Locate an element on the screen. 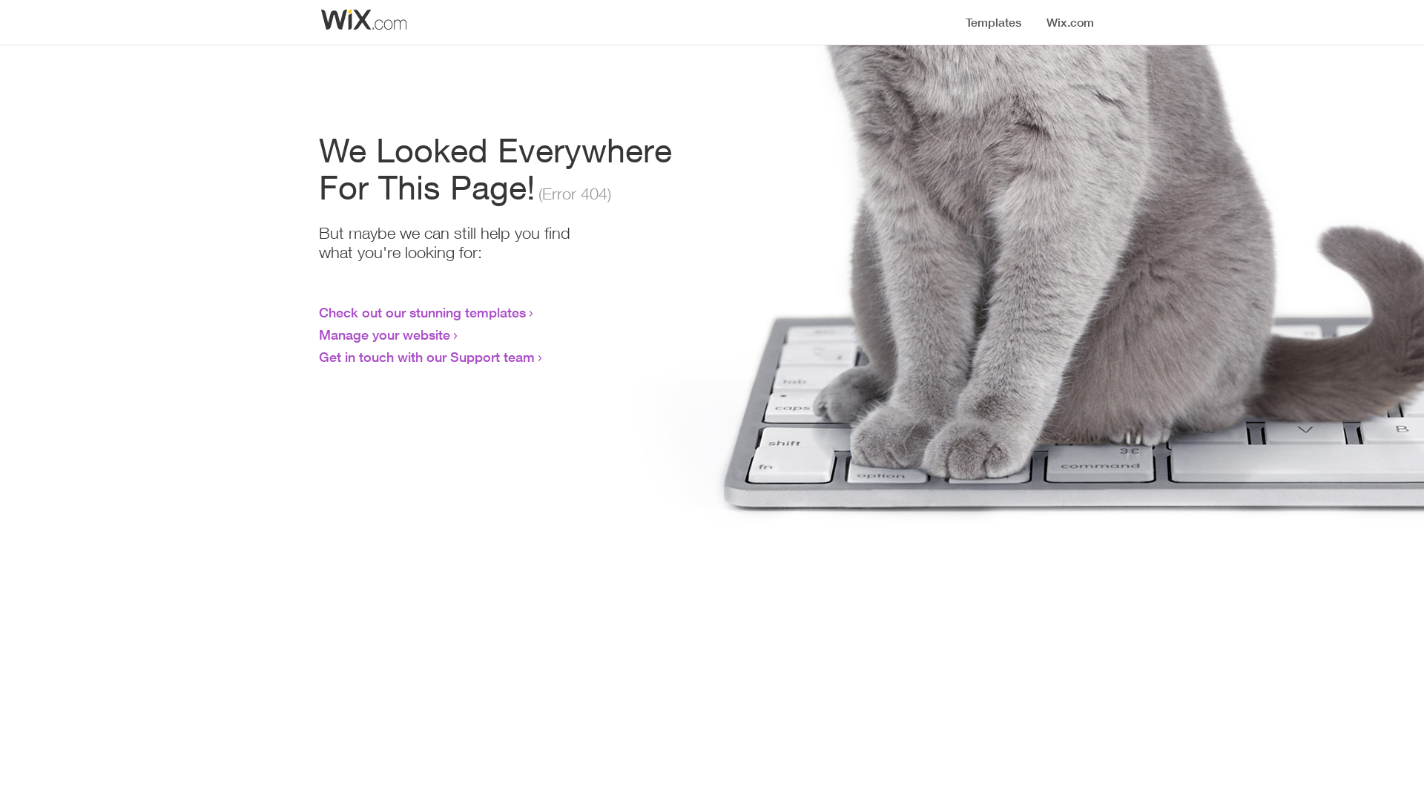  'Check out our stunning templates' is located at coordinates (318, 311).